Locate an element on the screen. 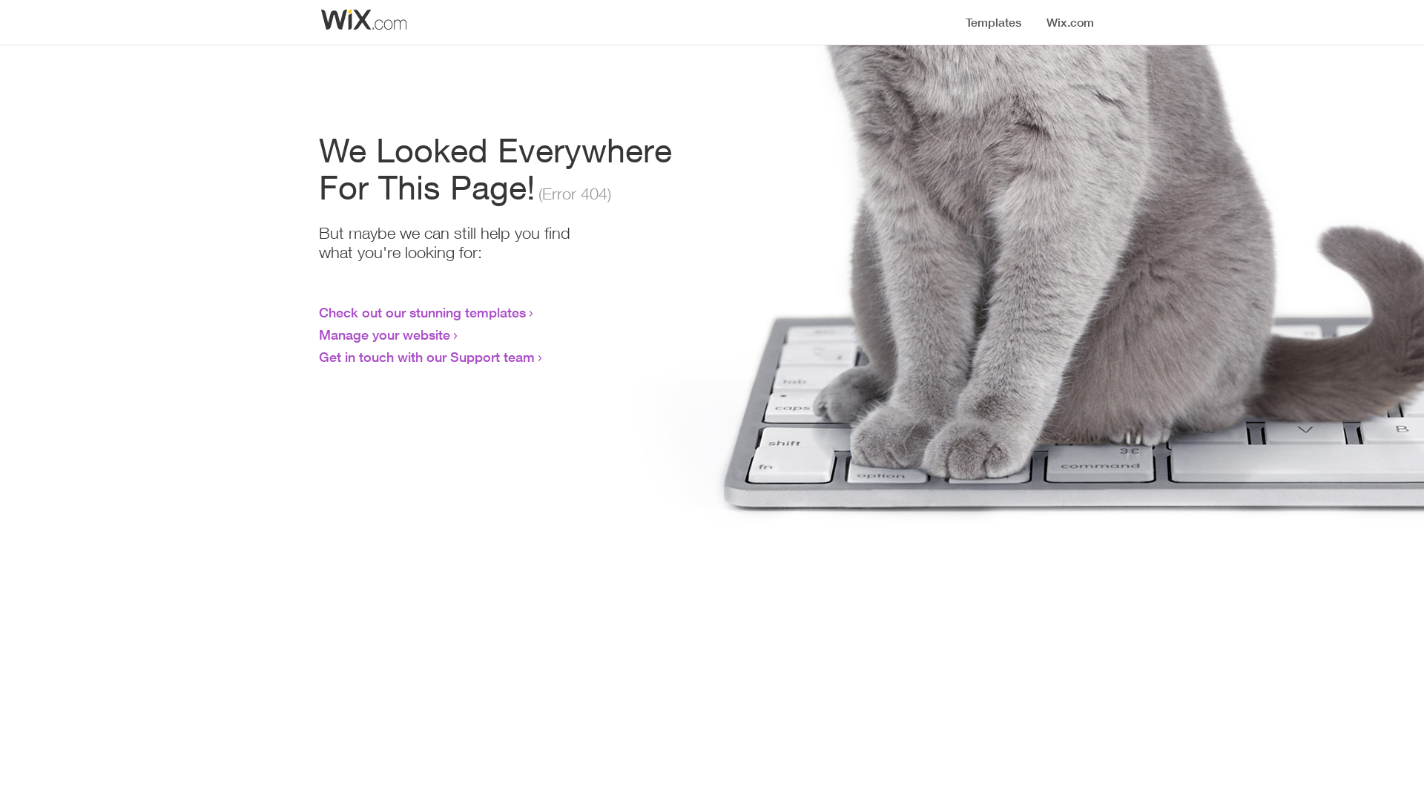  'Check out our stunning templates' is located at coordinates (318, 311).